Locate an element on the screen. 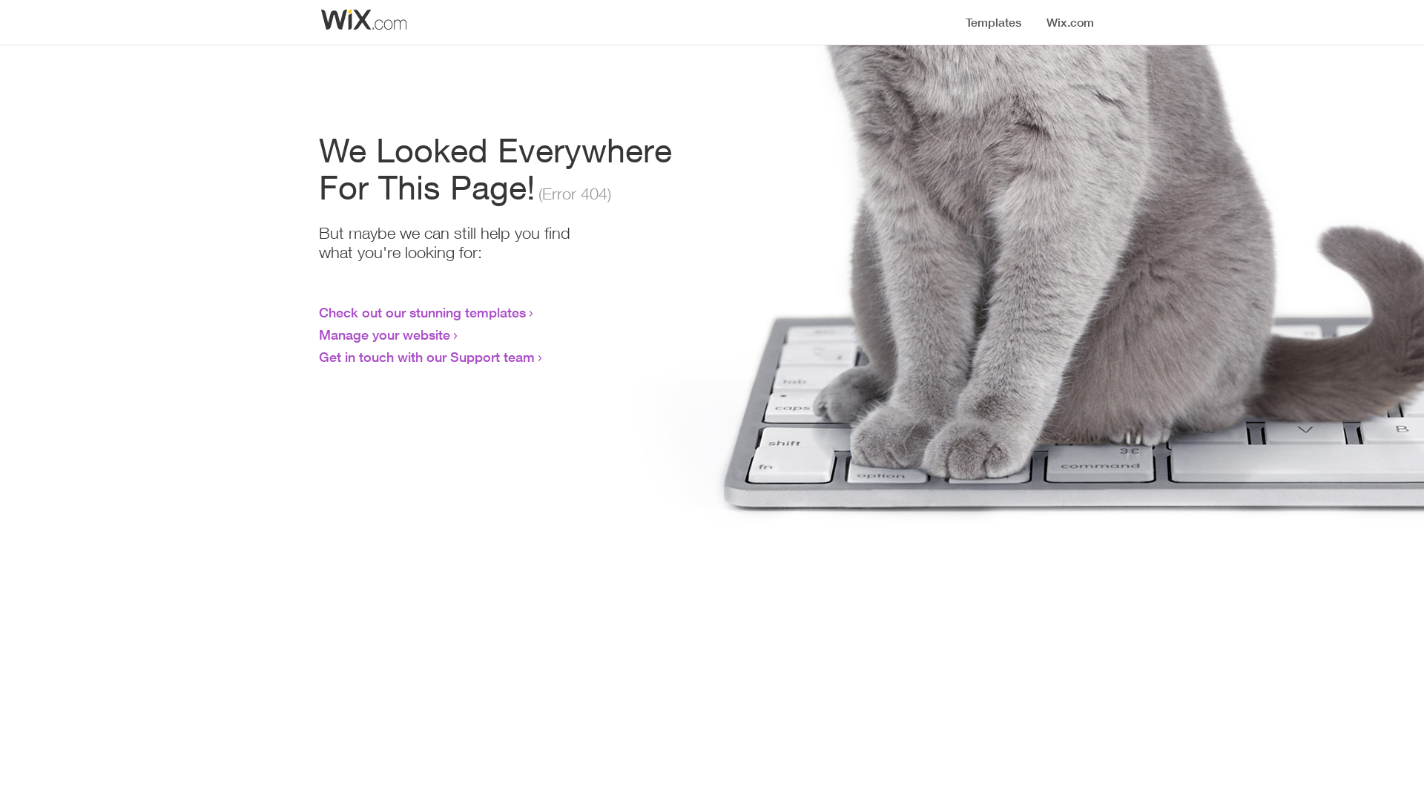  'Check out our stunning templates' is located at coordinates (318, 311).